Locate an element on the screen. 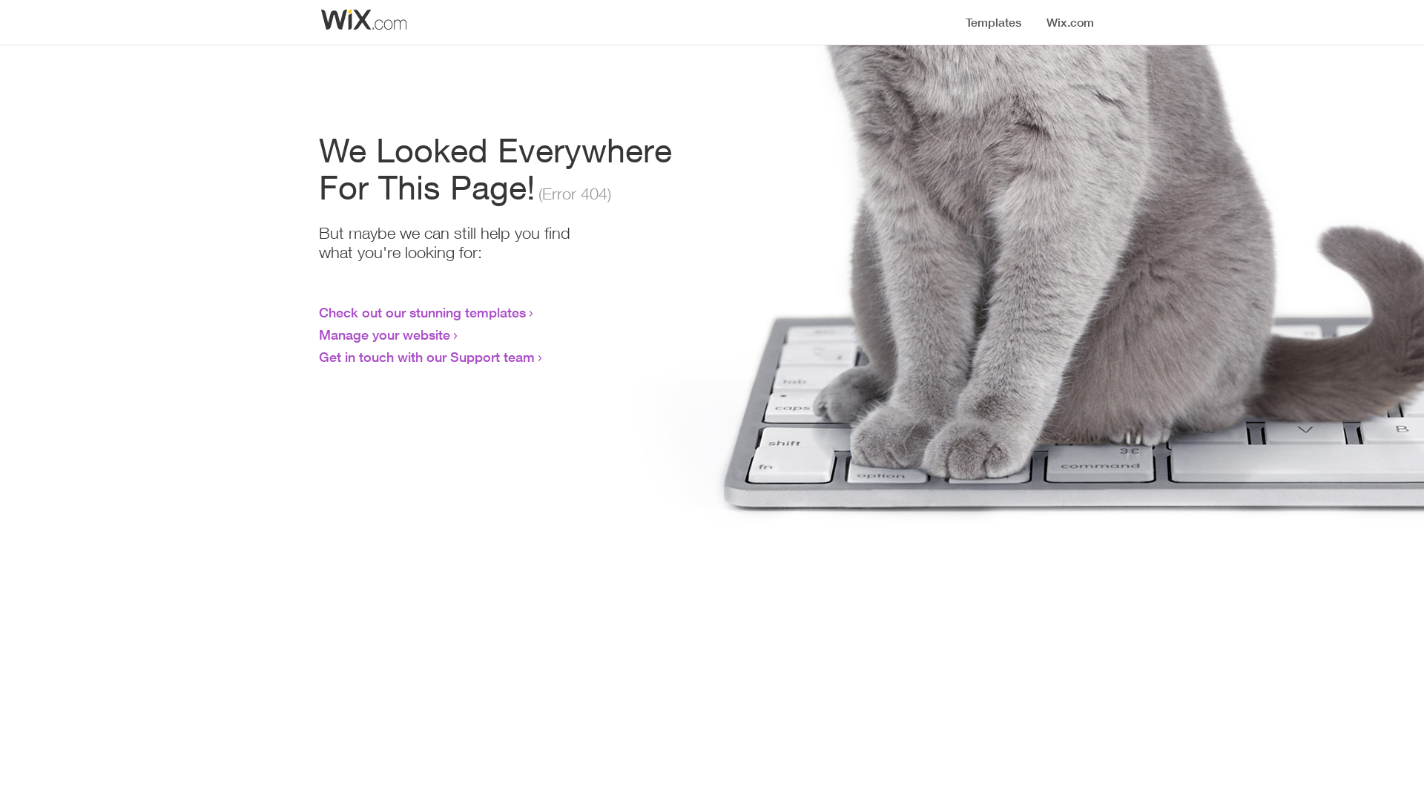  'Check out our stunning templates' is located at coordinates (318, 311).